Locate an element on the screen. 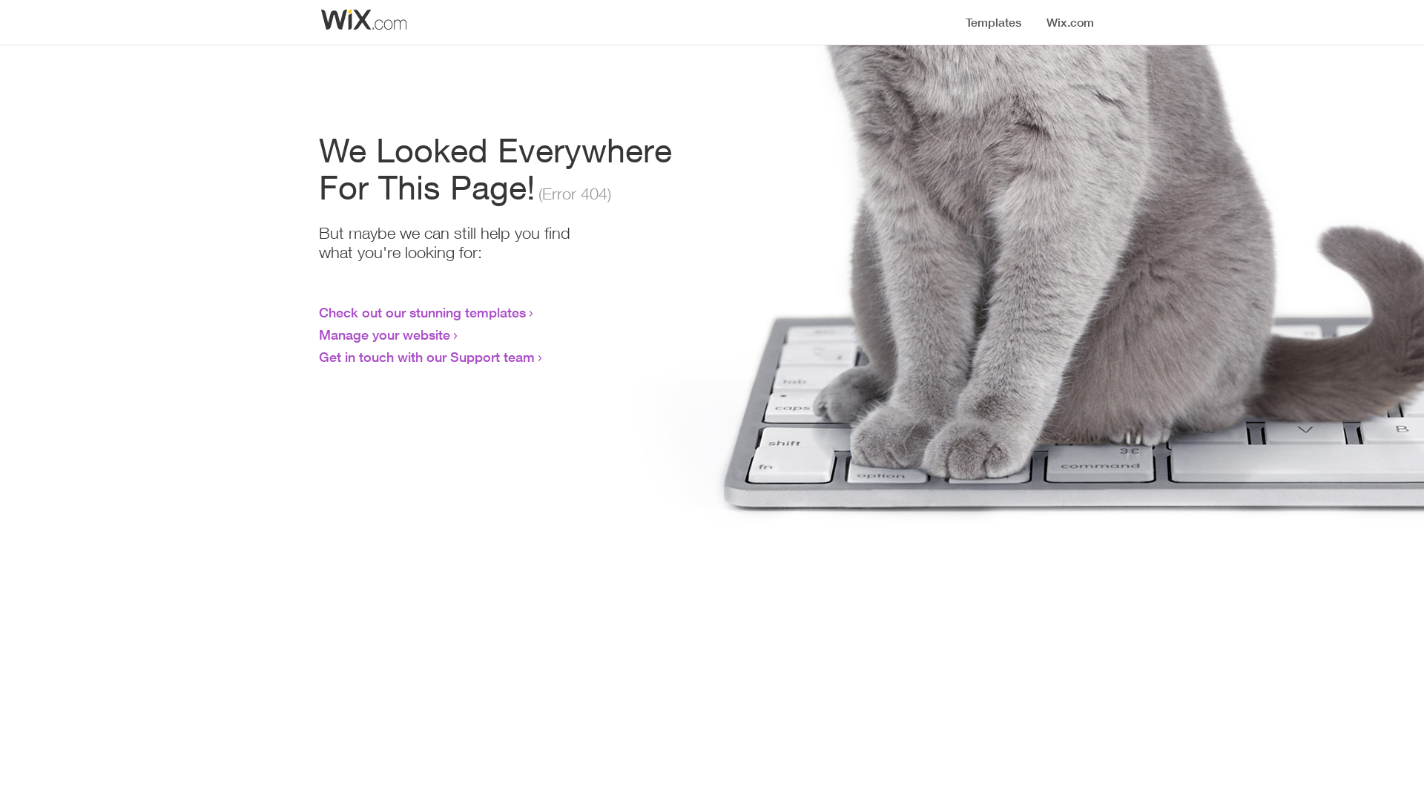  'Check out our stunning templates' is located at coordinates (318, 311).